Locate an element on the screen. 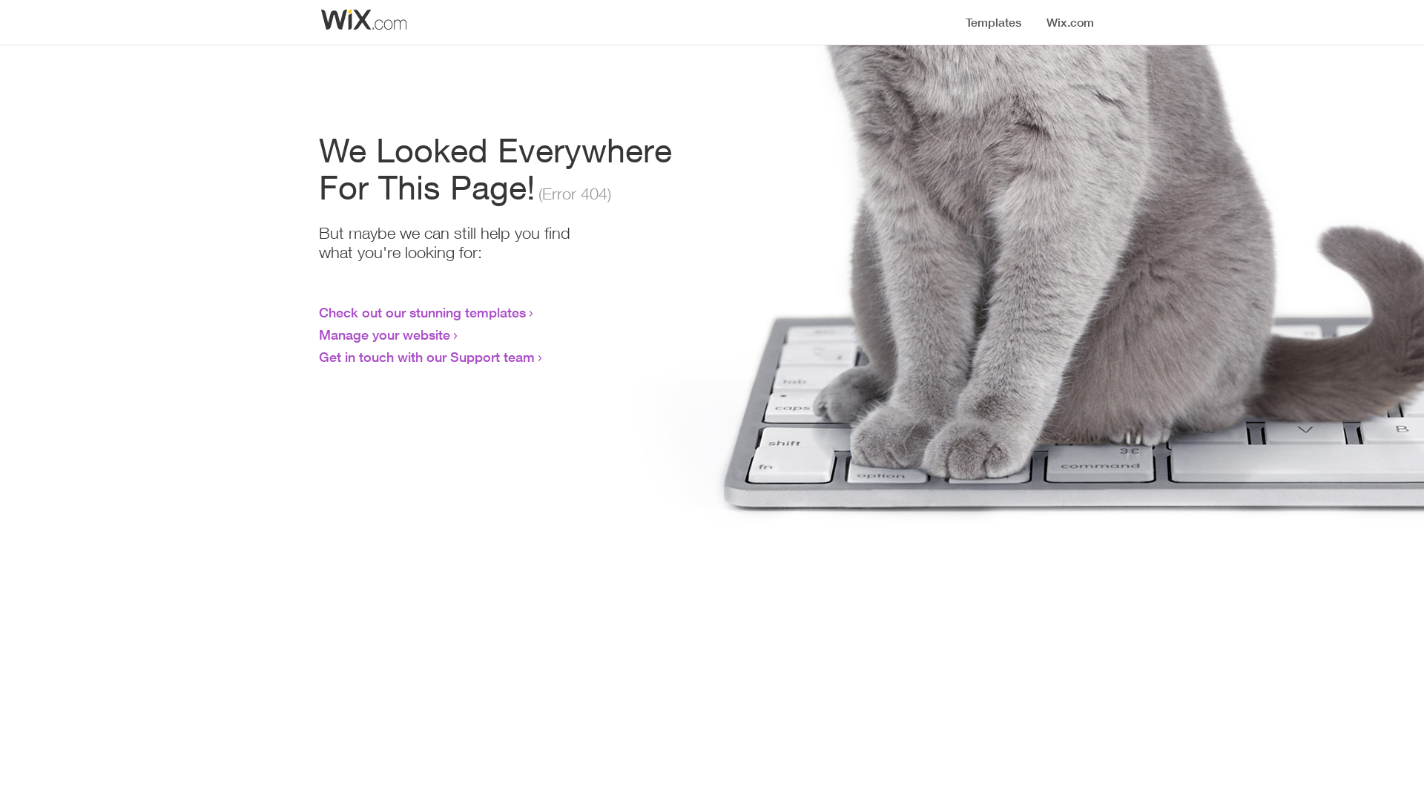  'Check out our stunning templates' is located at coordinates (318, 311).